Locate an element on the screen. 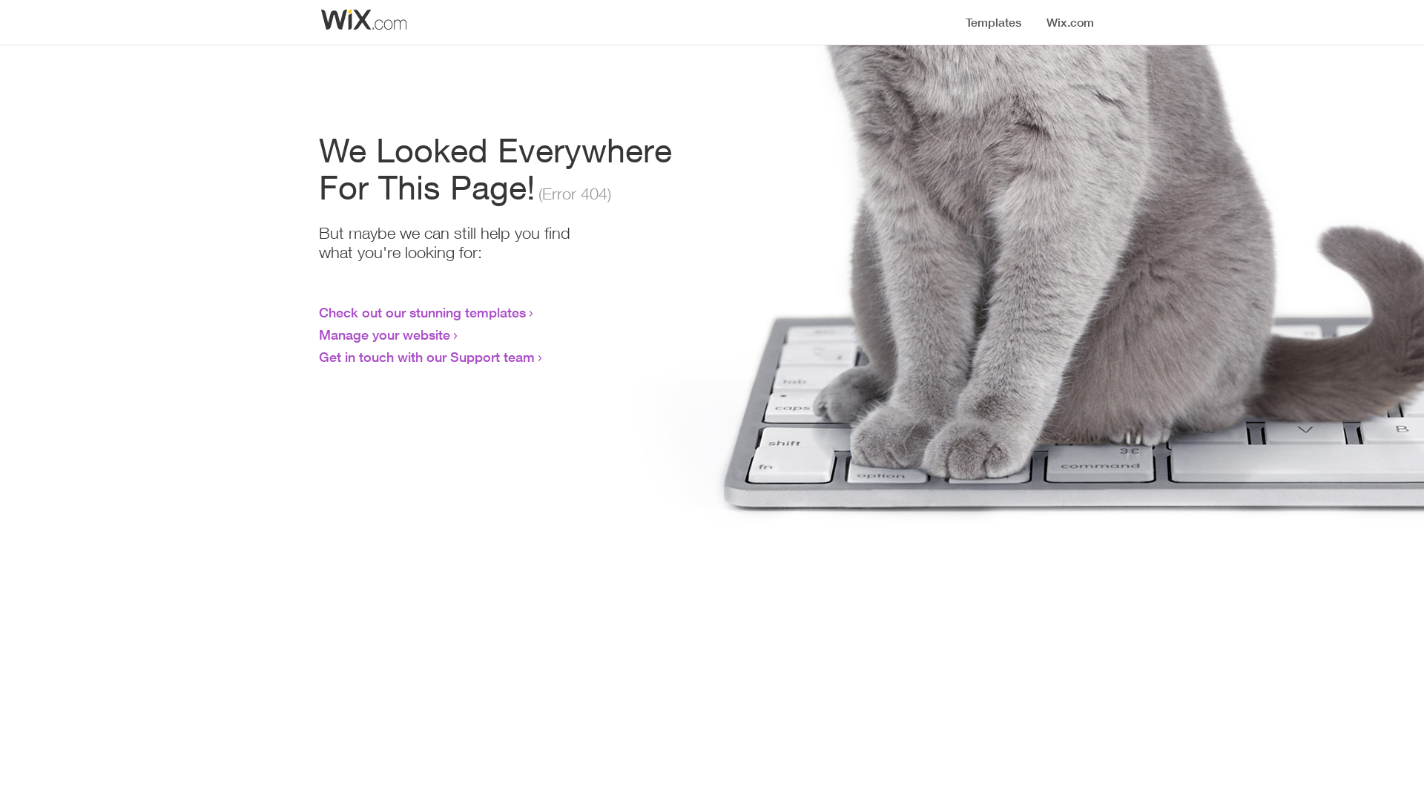  'Check out our stunning templates' is located at coordinates (318, 311).